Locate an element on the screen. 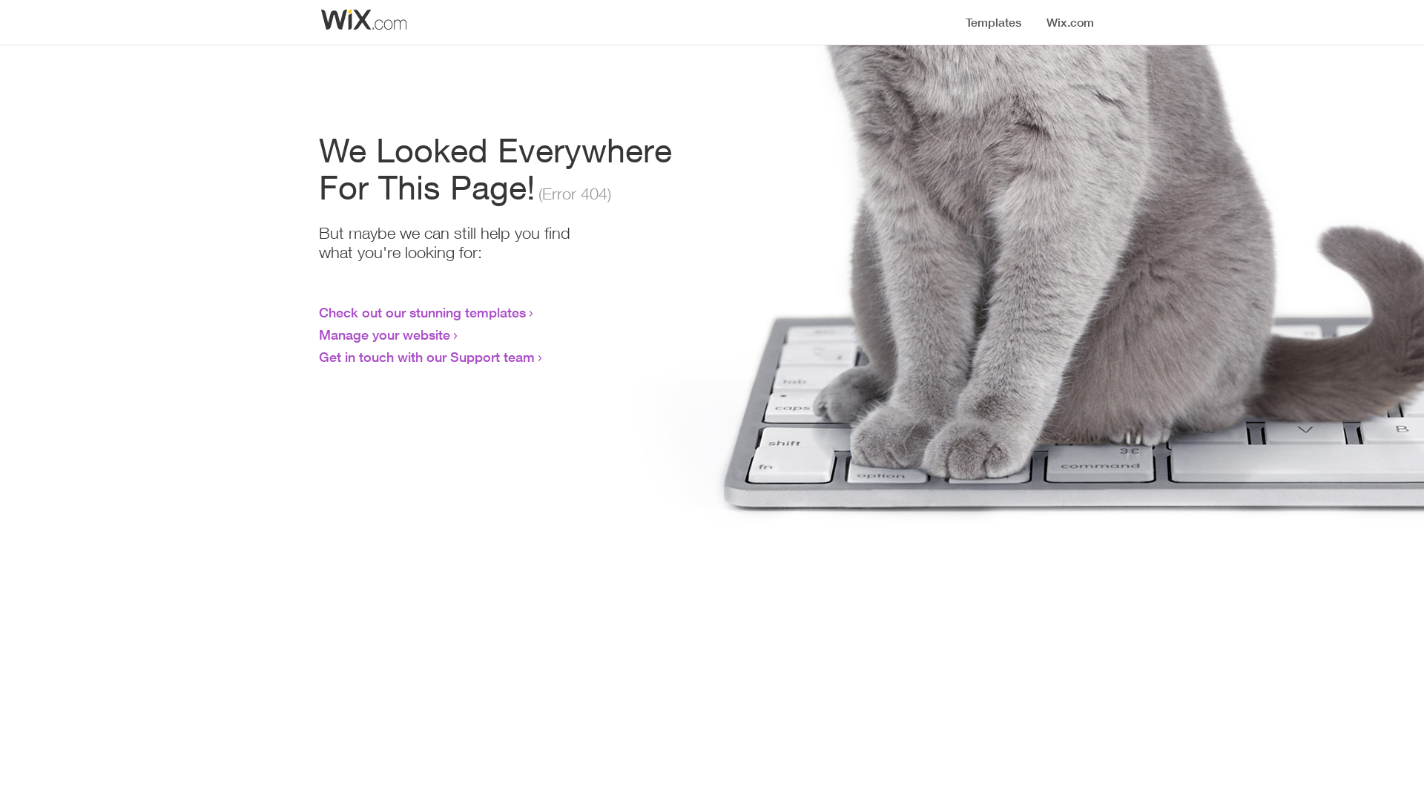  'Check out our stunning templates' is located at coordinates (318, 311).